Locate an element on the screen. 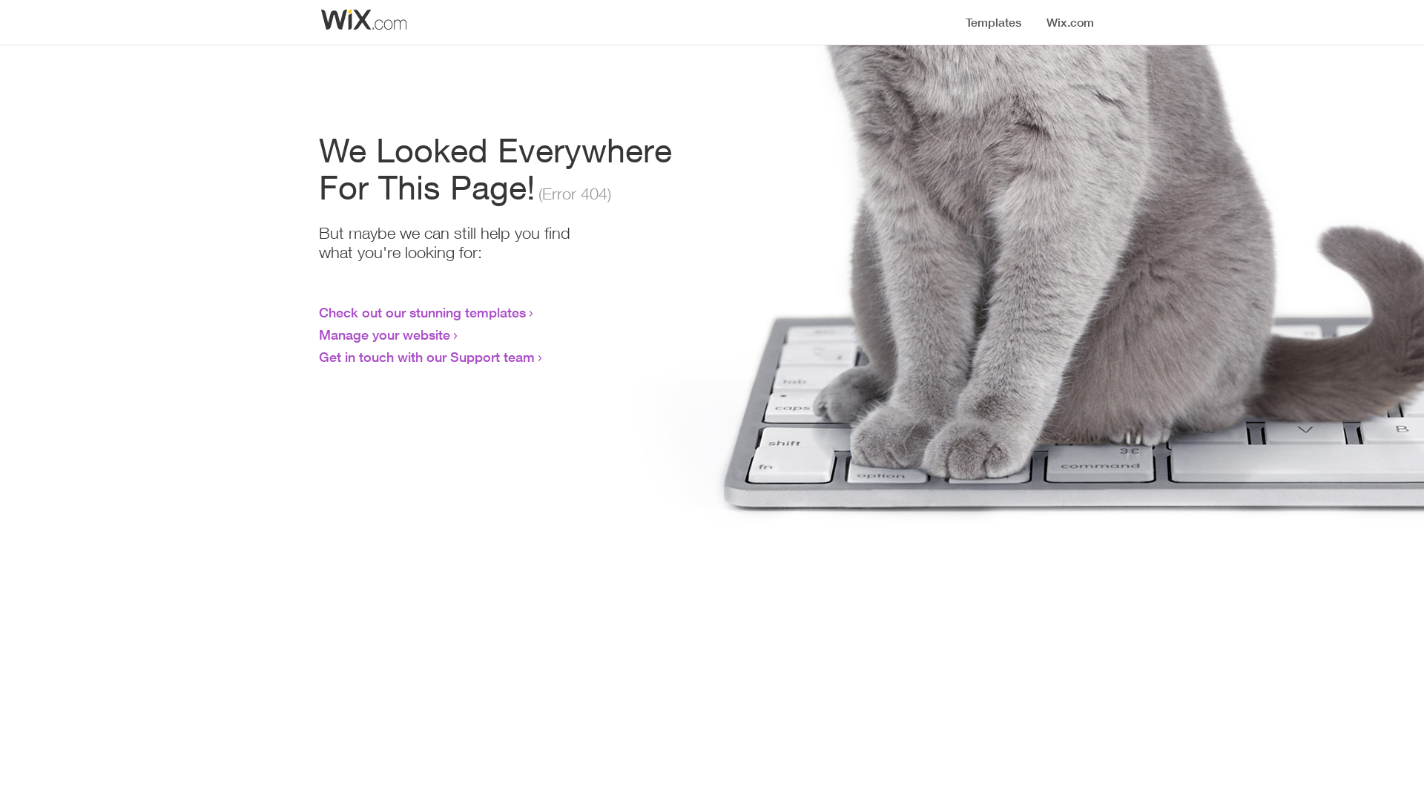  'Check out our stunning templates' is located at coordinates (318, 311).